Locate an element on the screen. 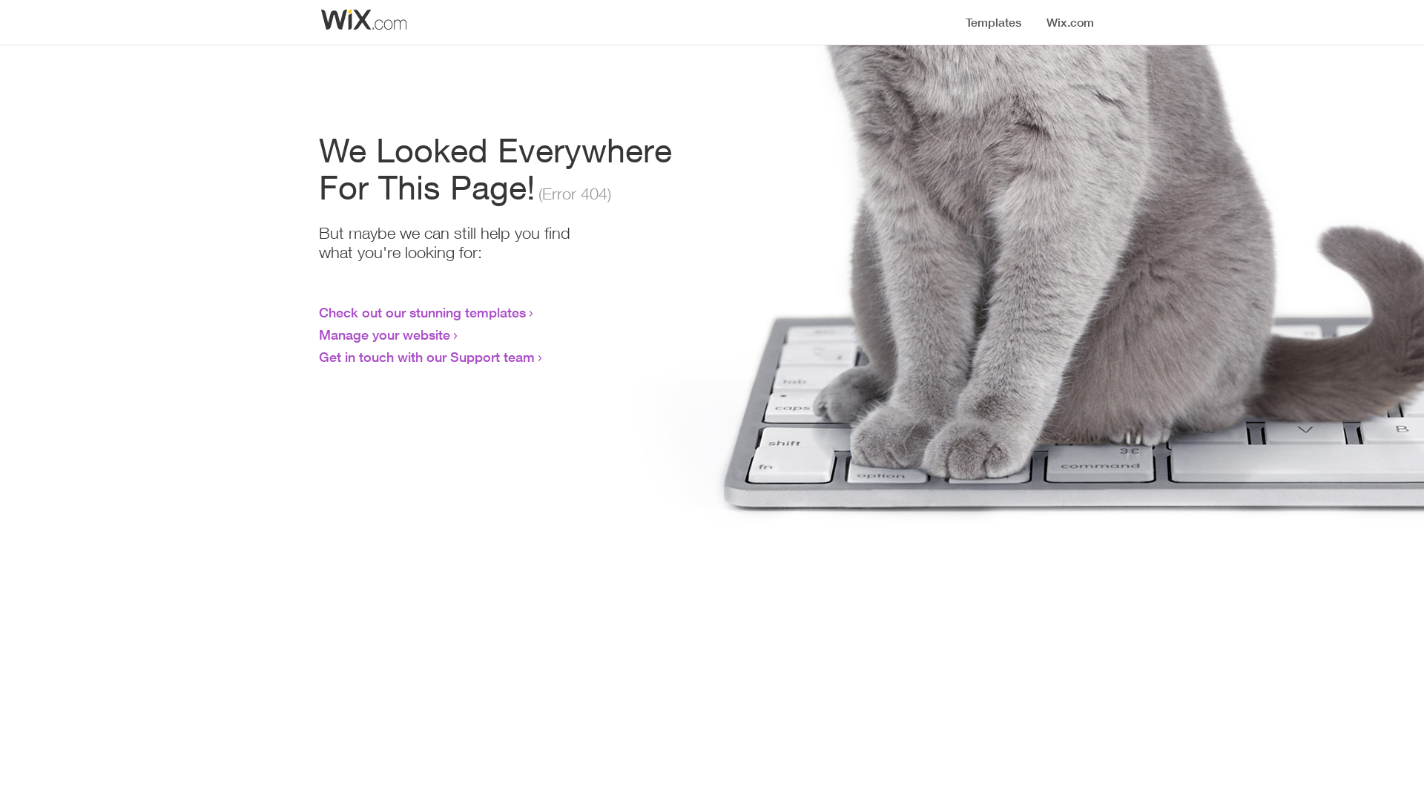  'Check out our stunning templates' is located at coordinates (318, 311).